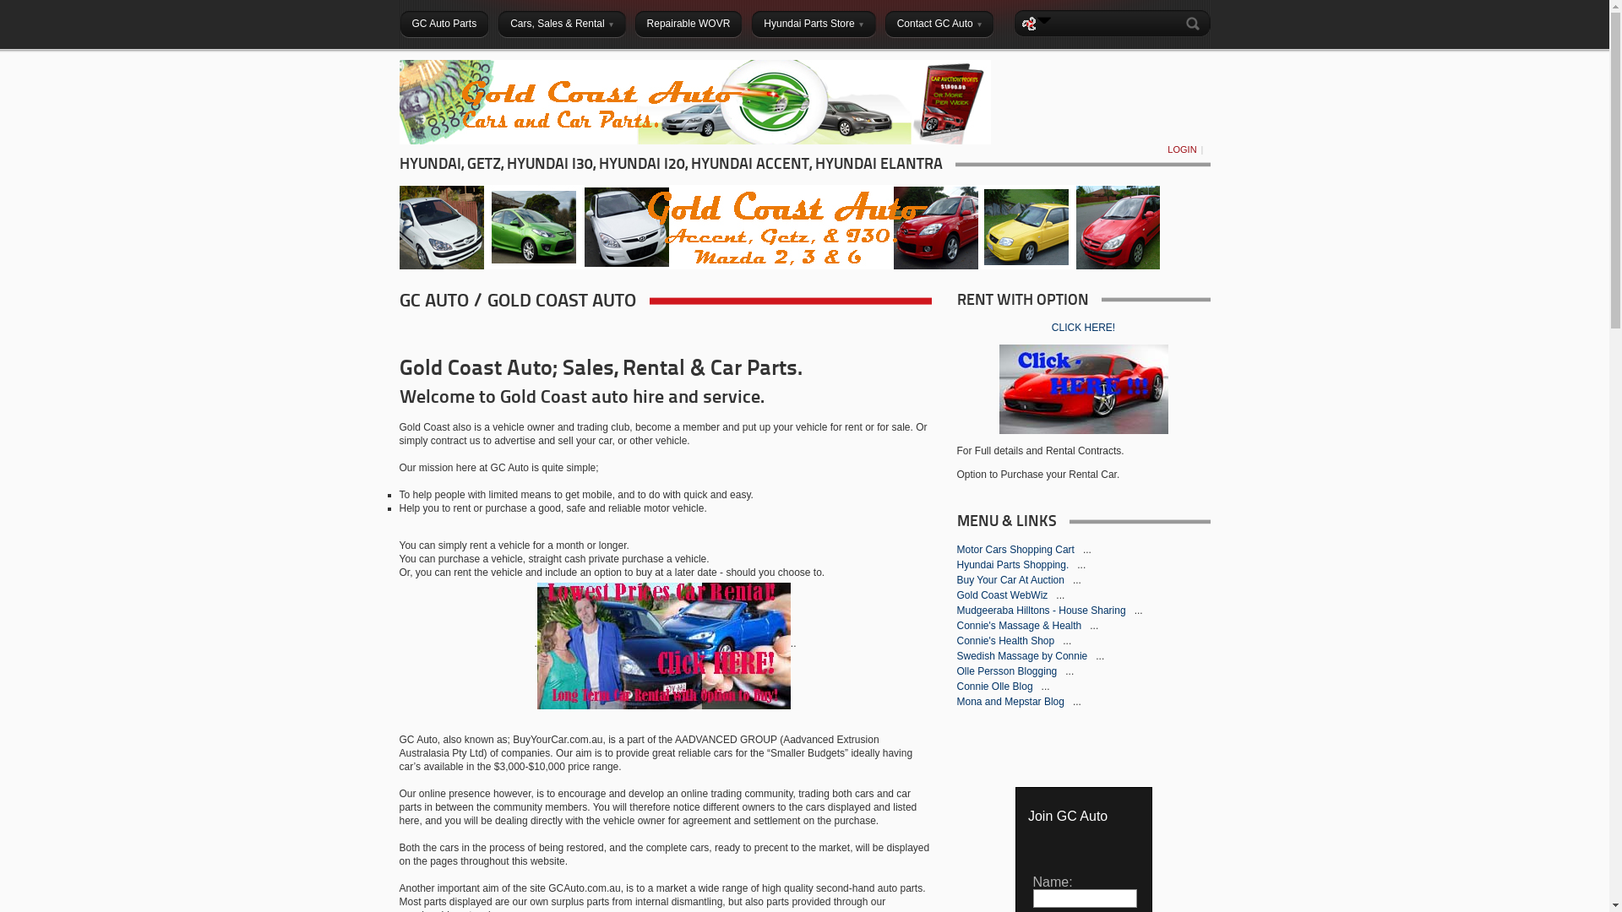  What do you see at coordinates (1076, 564) in the screenshot?
I see `'...'` at bounding box center [1076, 564].